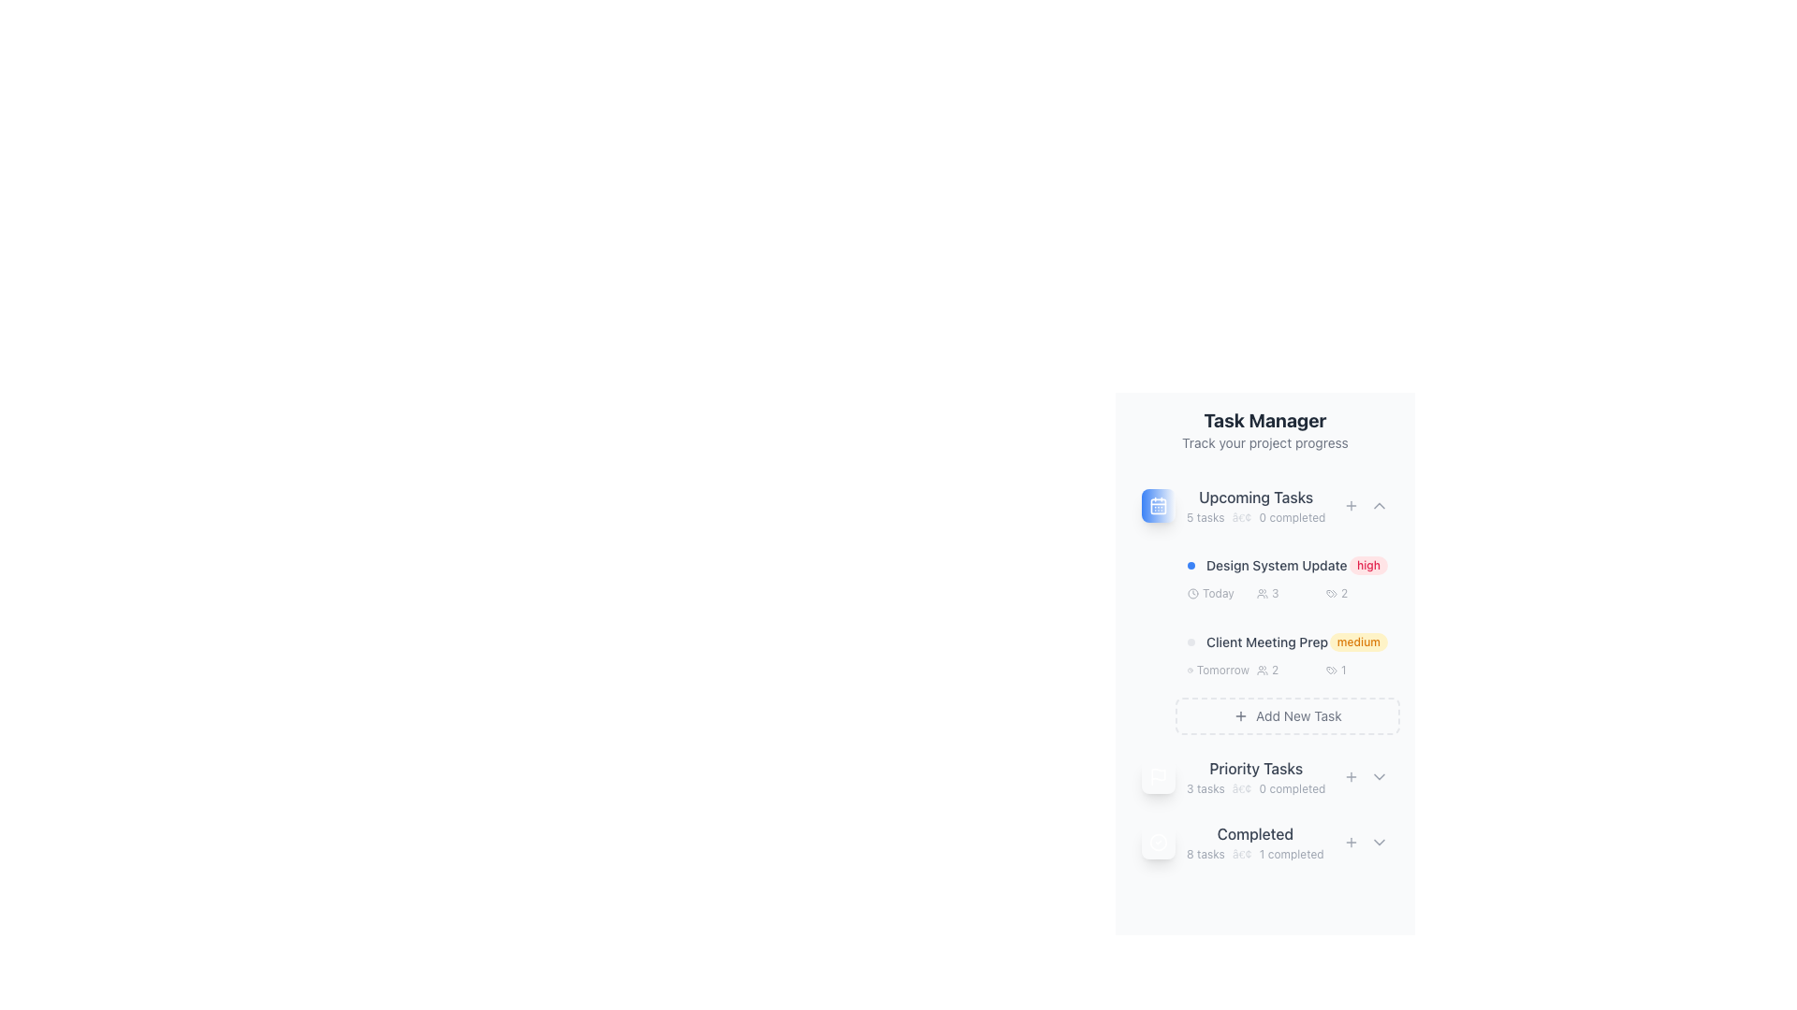 The height and width of the screenshot is (1010, 1797). What do you see at coordinates (1256, 505) in the screenshot?
I see `the 'Upcoming' tasks summary header in the Task Manager sidebar to potentially reveal more information` at bounding box center [1256, 505].